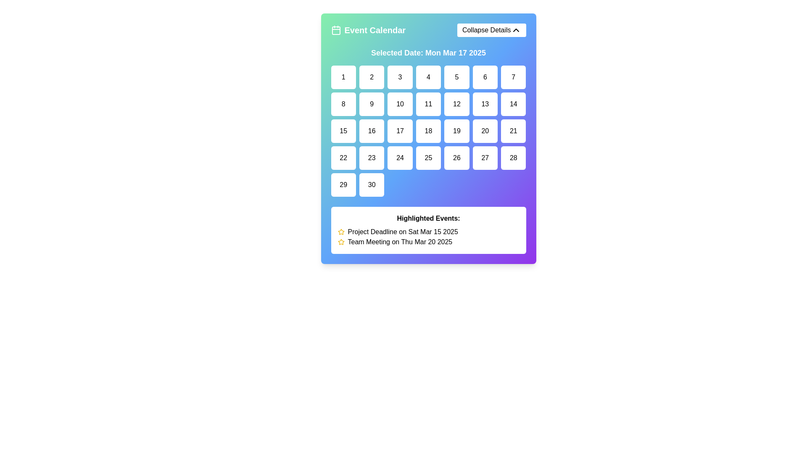 The height and width of the screenshot is (454, 807). What do you see at coordinates (428, 242) in the screenshot?
I see `the text label with the icon that reads 'Team Meeting on Thu Mar 20 2025,' which is the second item in the 'Highlighted Events' section` at bounding box center [428, 242].